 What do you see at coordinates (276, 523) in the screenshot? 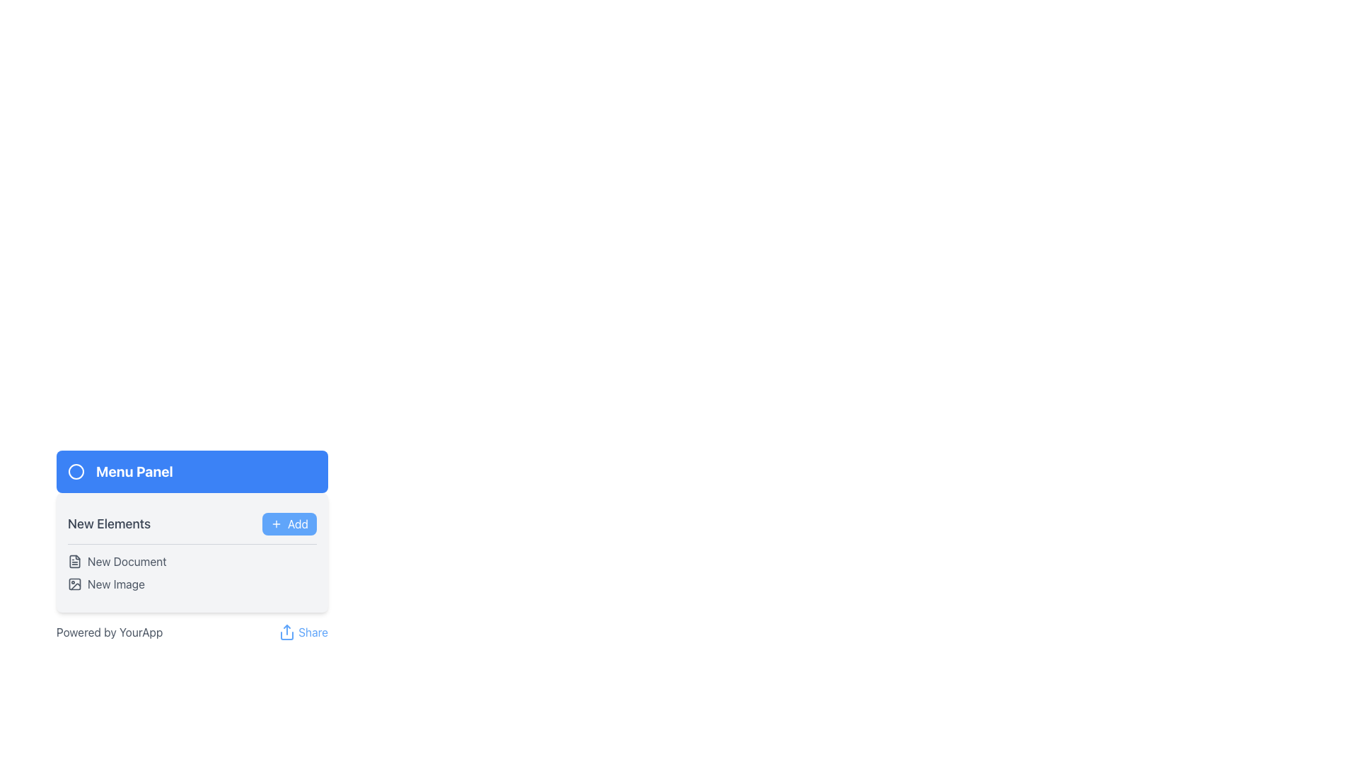
I see `the plus sign icon embedded within the 'Add' button located in the top right corner of the 'New Elements' grouping` at bounding box center [276, 523].